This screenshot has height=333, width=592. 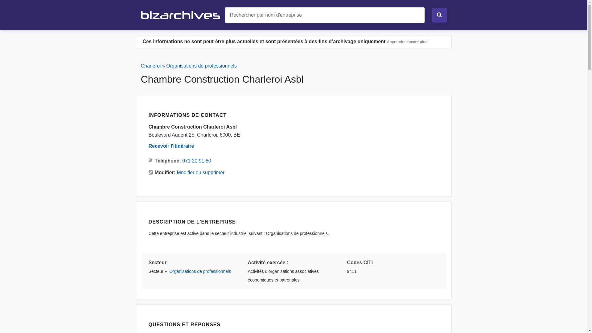 I want to click on 'Organisations de professionnels', so click(x=169, y=271).